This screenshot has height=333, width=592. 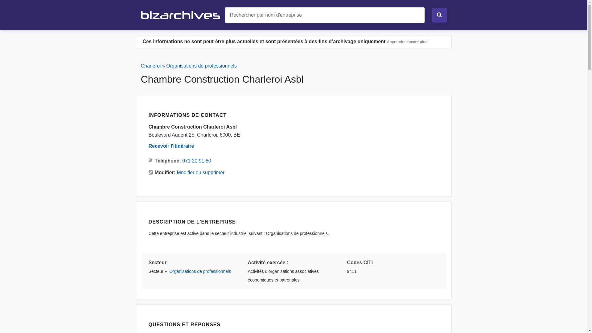 I want to click on 'Organisations de professionnels', so click(x=169, y=271).